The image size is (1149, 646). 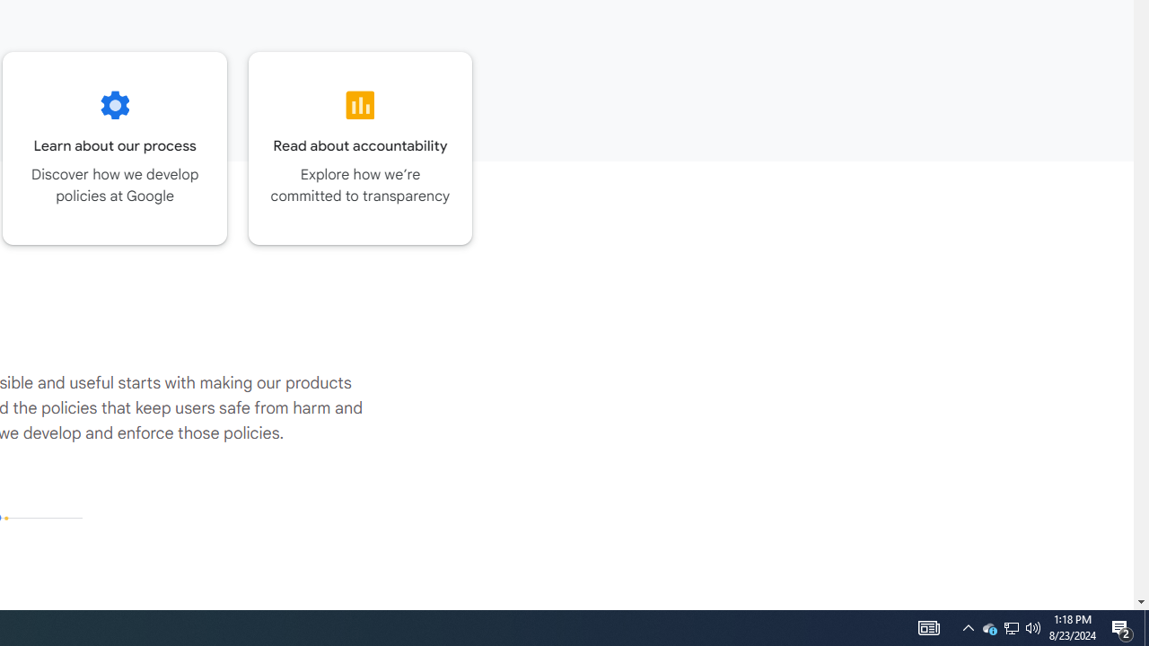 What do you see at coordinates (359, 147) in the screenshot?
I see `'Go to the Accountability page'` at bounding box center [359, 147].